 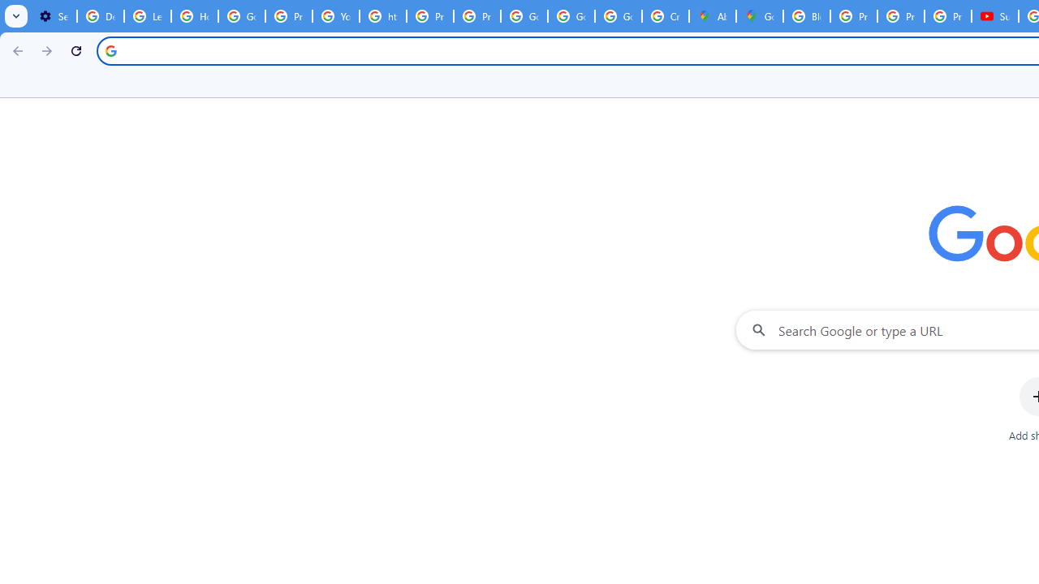 What do you see at coordinates (665, 16) in the screenshot?
I see `'Create your Google Account'` at bounding box center [665, 16].